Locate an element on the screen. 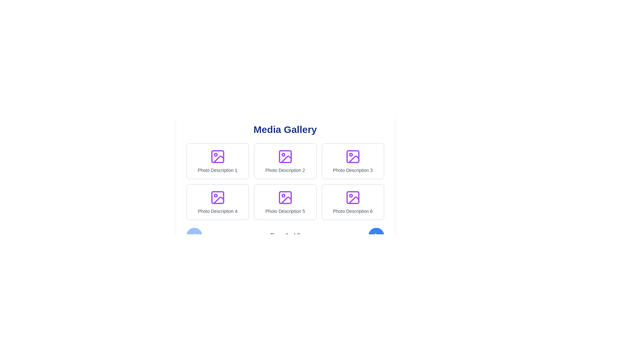 This screenshot has width=624, height=351. the main rectangular shape within the top-left icon in the grid under the 'Media Gallery' heading, which visually represents part of the icon illustration for the media entry is located at coordinates (217, 157).